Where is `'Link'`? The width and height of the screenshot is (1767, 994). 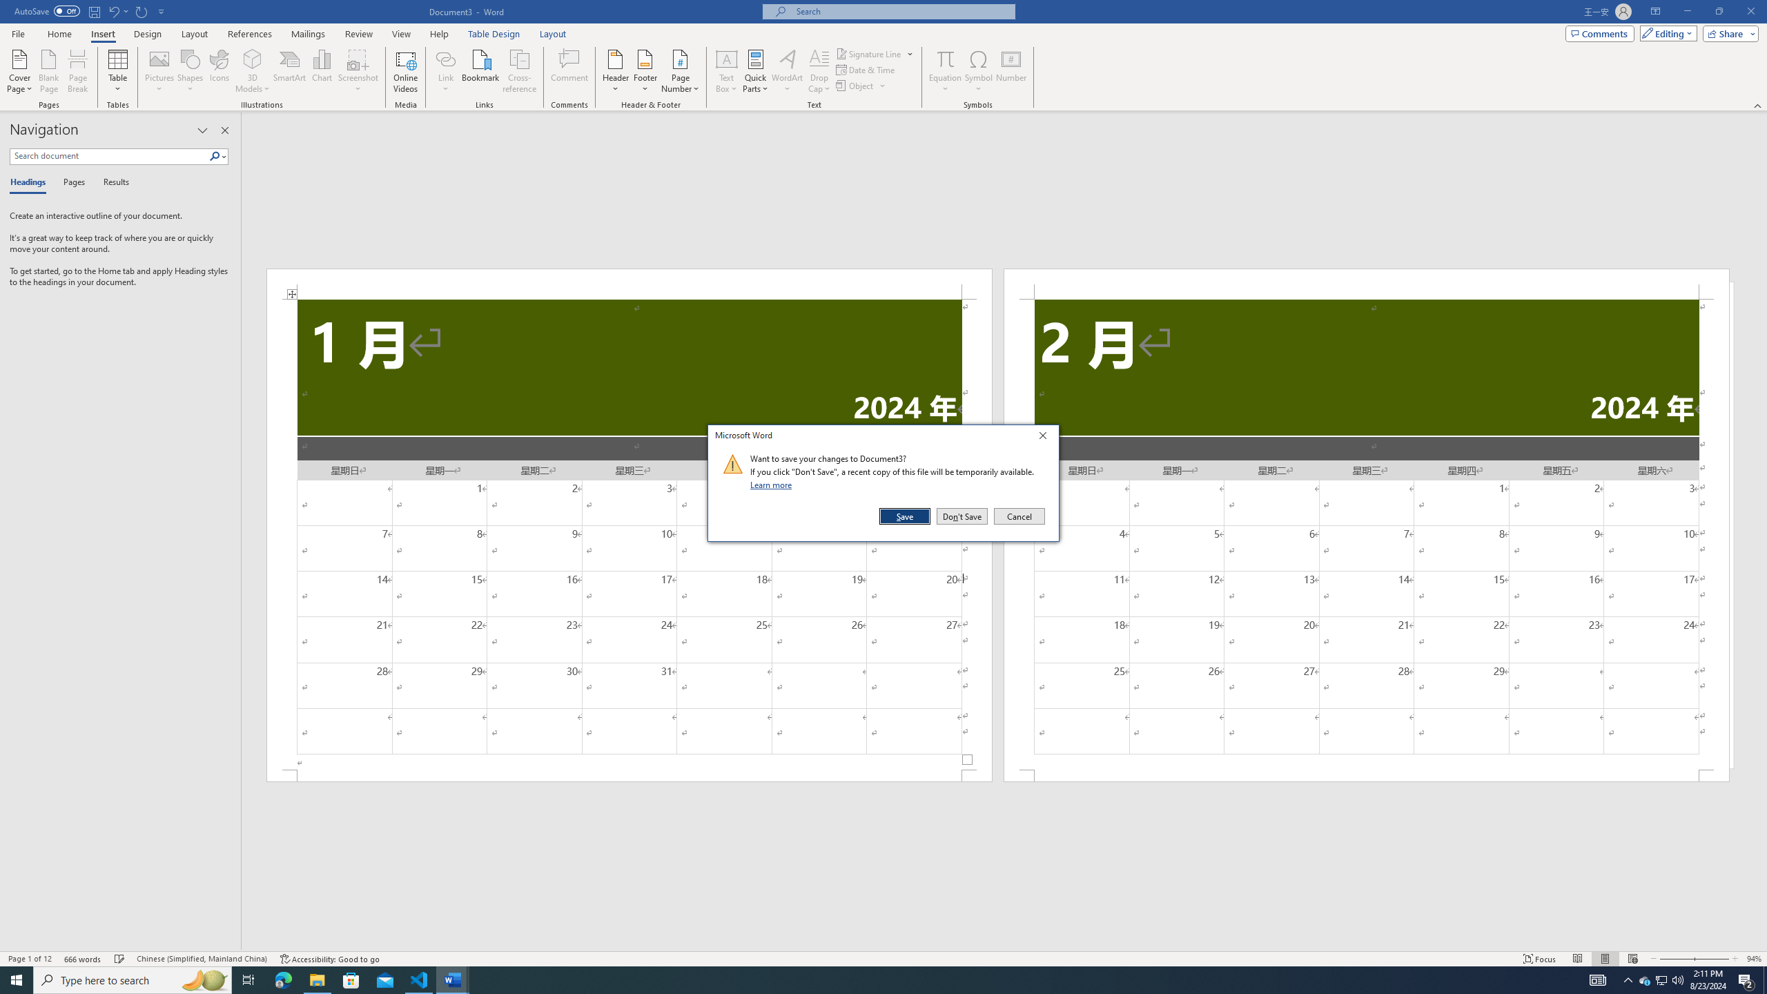 'Link' is located at coordinates (445, 58).